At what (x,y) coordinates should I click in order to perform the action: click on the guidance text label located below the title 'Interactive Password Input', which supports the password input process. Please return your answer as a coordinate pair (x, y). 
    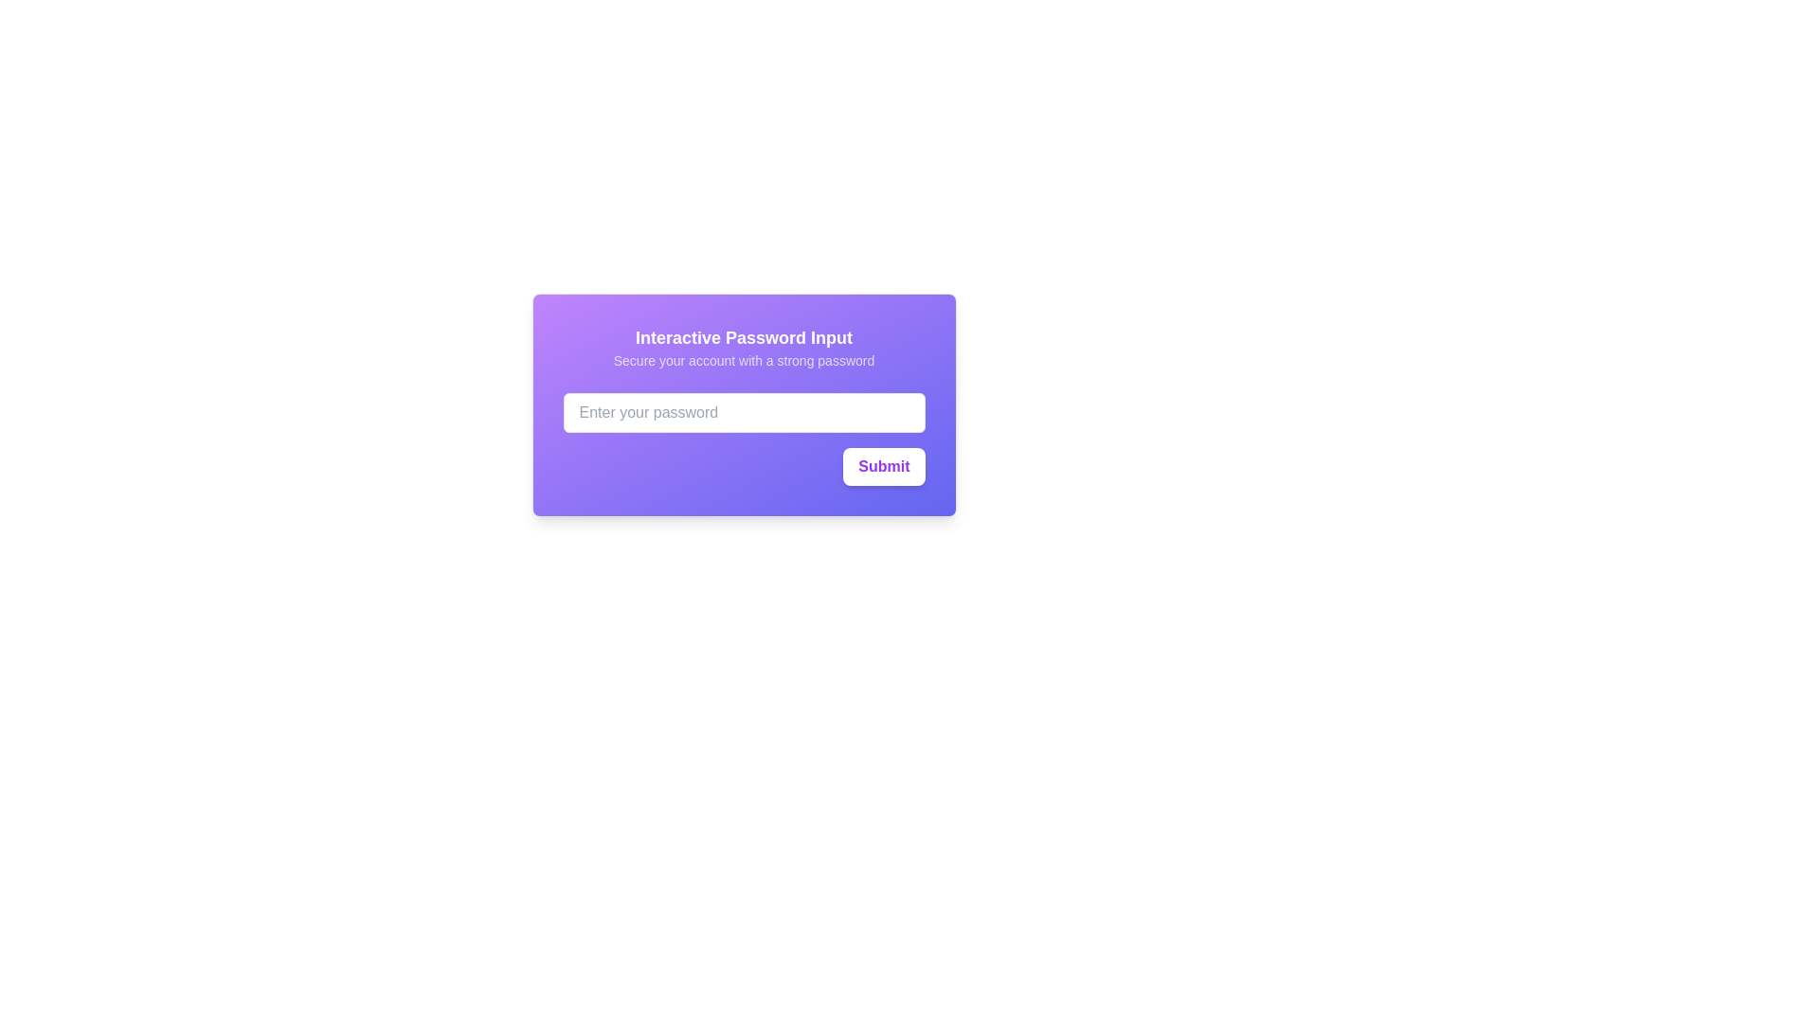
    Looking at the image, I should click on (743, 361).